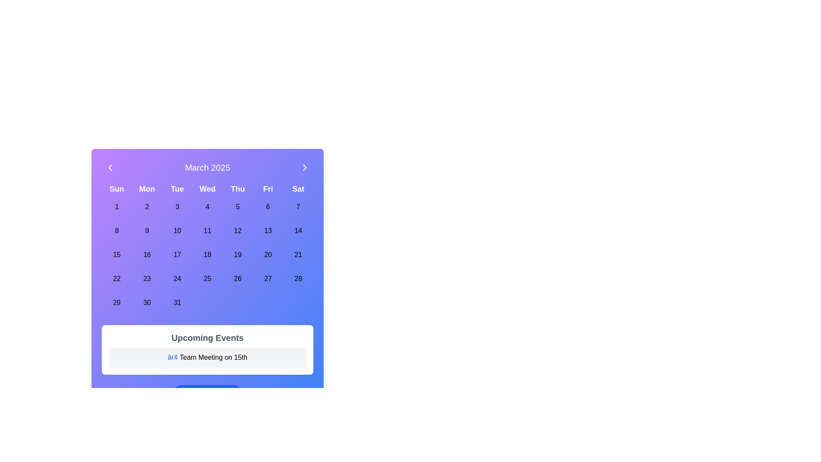 This screenshot has width=821, height=462. What do you see at coordinates (177, 207) in the screenshot?
I see `the rounded button containing the number '3' in the weekly grid calendar` at bounding box center [177, 207].